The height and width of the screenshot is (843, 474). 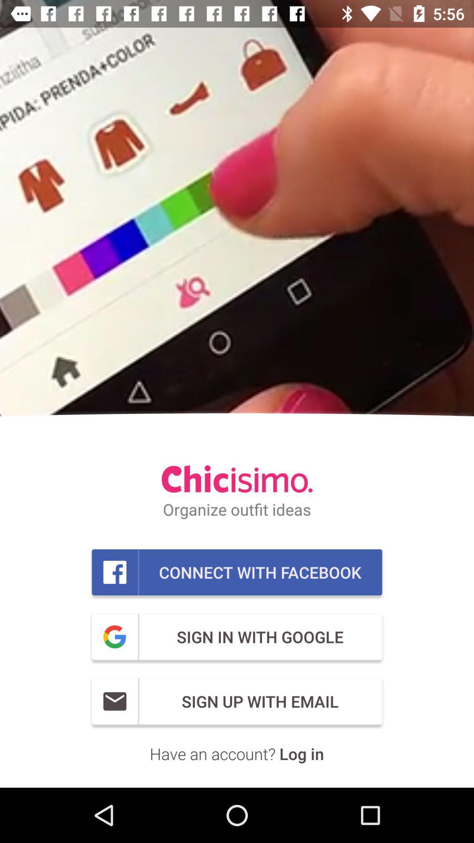 I want to click on item below sign up with, so click(x=236, y=753).